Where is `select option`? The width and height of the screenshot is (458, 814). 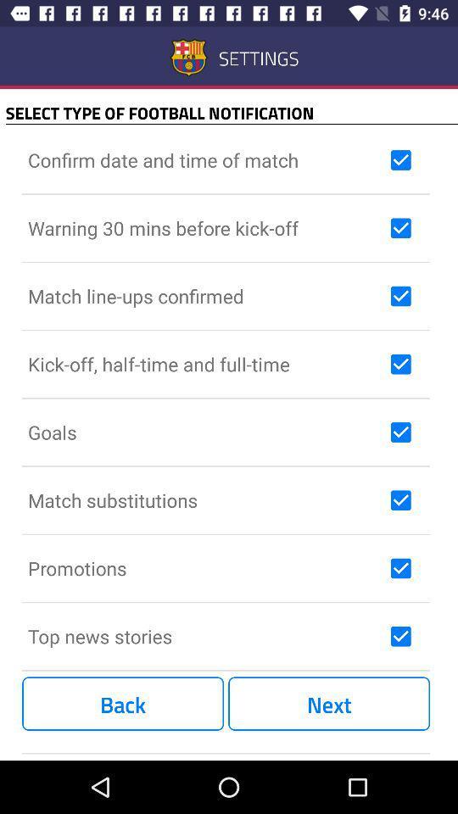 select option is located at coordinates (400, 296).